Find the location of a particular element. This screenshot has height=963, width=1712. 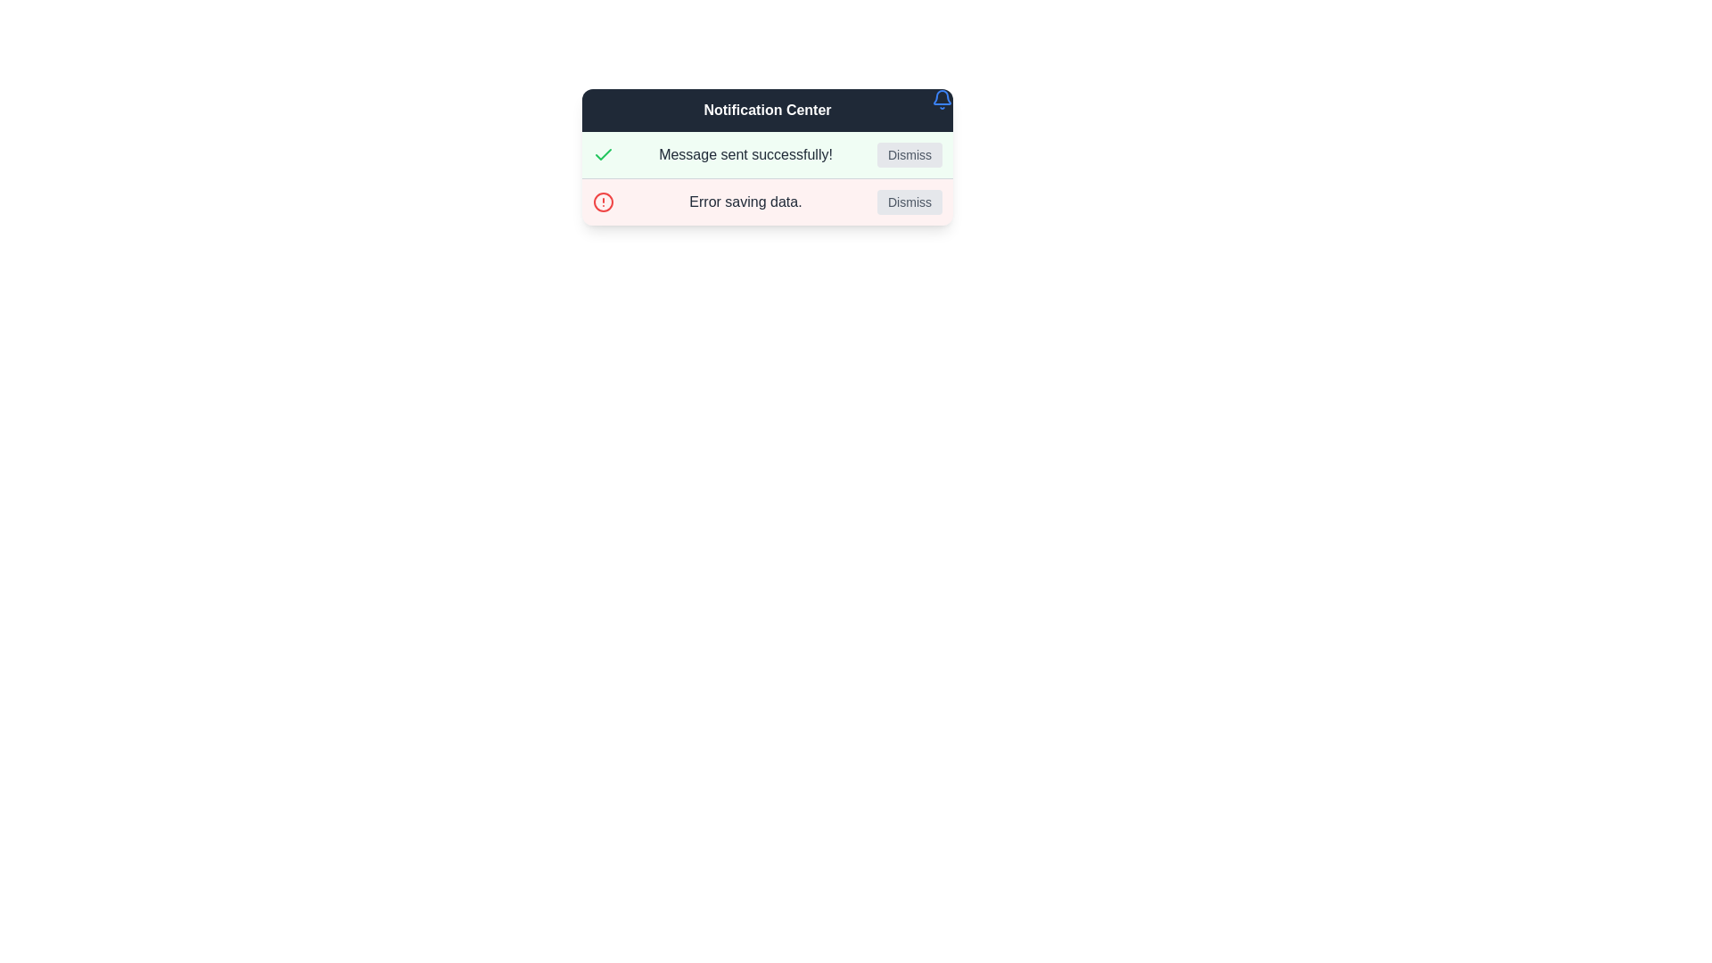

the Text label that informs the user about an error during a data-saving operation, located within the 'Error saving data' notification card is located at coordinates (745, 202).